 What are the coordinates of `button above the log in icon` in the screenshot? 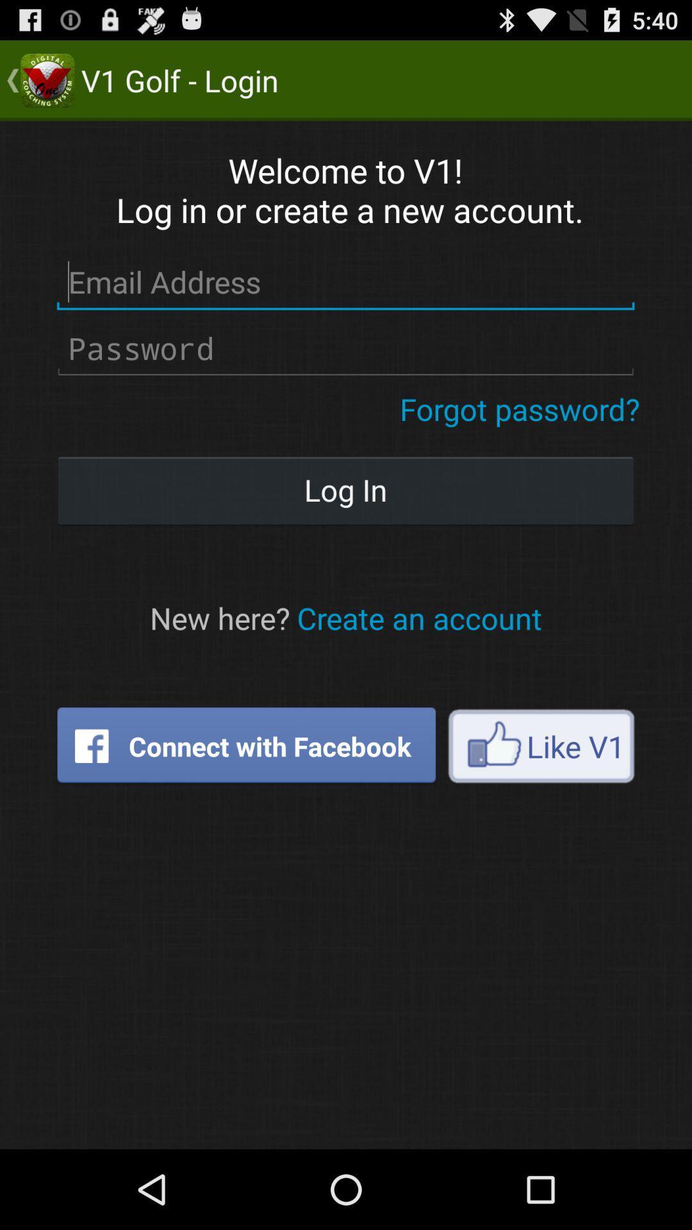 It's located at (520, 408).